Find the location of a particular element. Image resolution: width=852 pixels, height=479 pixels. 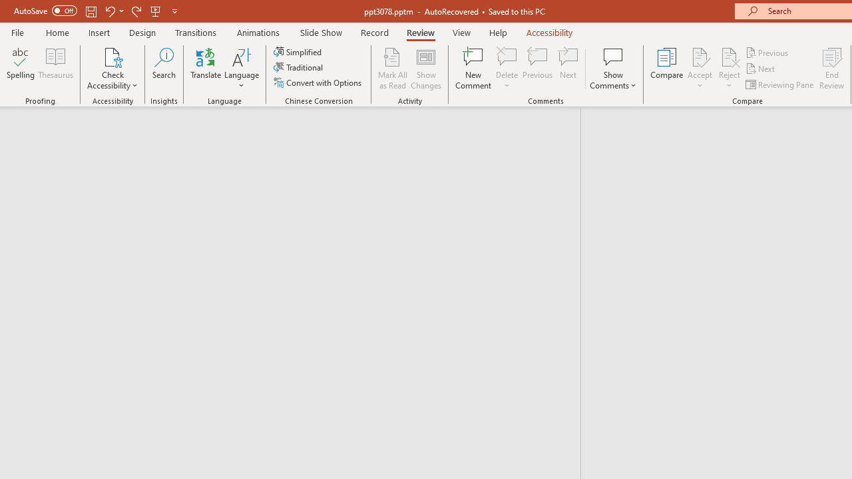

'Language' is located at coordinates (242, 69).